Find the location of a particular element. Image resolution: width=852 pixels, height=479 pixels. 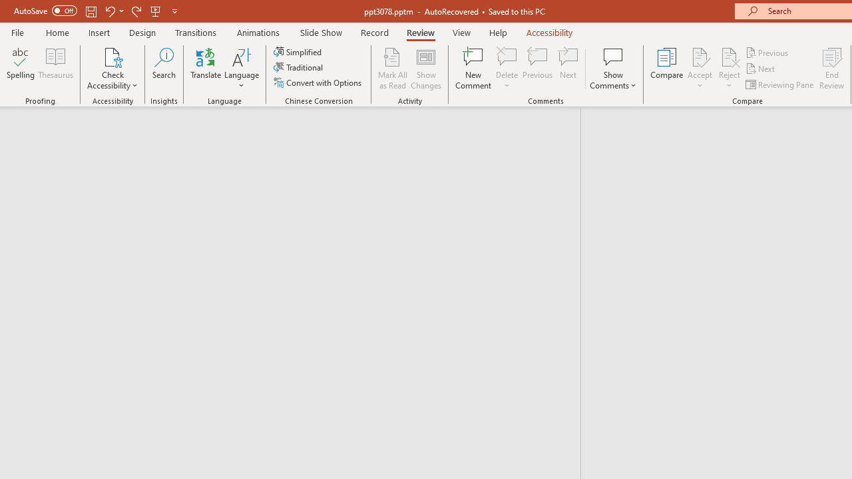

'Language' is located at coordinates (242, 69).